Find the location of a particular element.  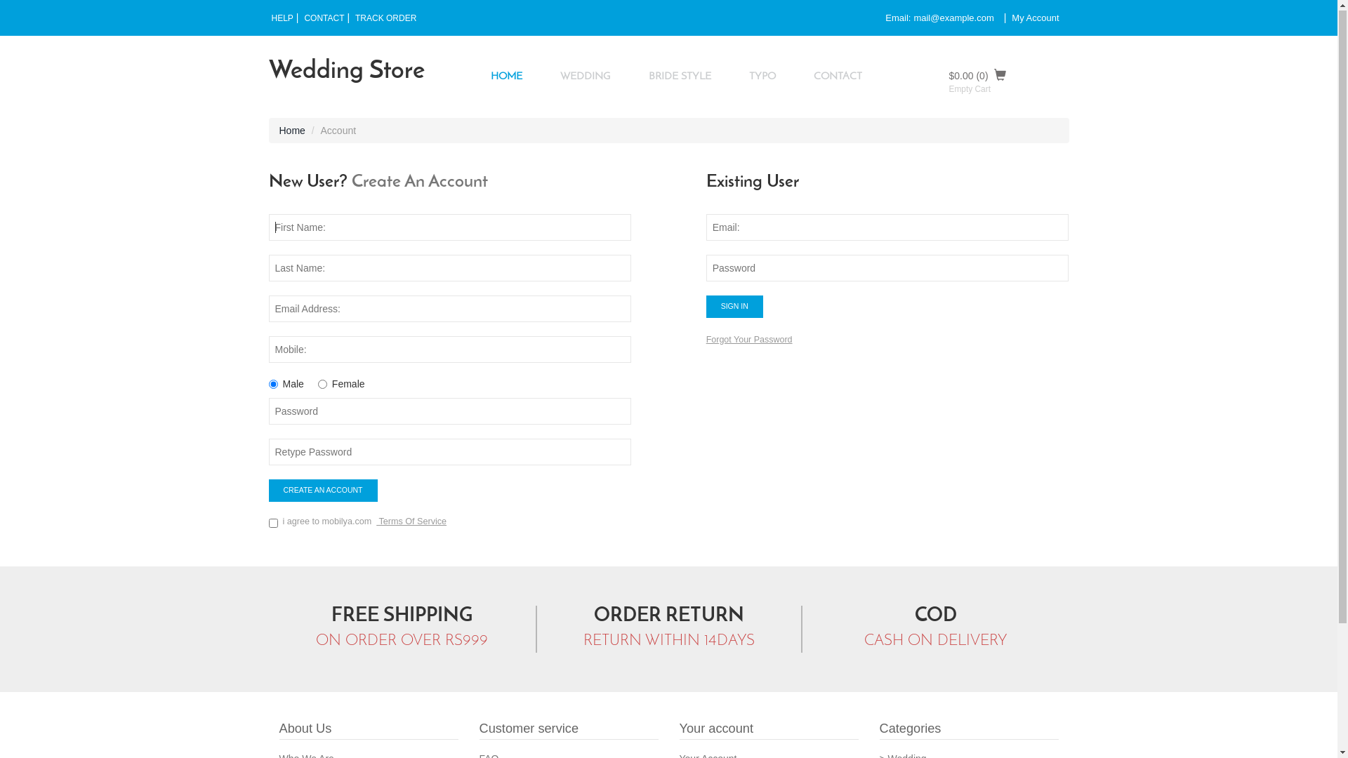

'sign in' is located at coordinates (734, 307).